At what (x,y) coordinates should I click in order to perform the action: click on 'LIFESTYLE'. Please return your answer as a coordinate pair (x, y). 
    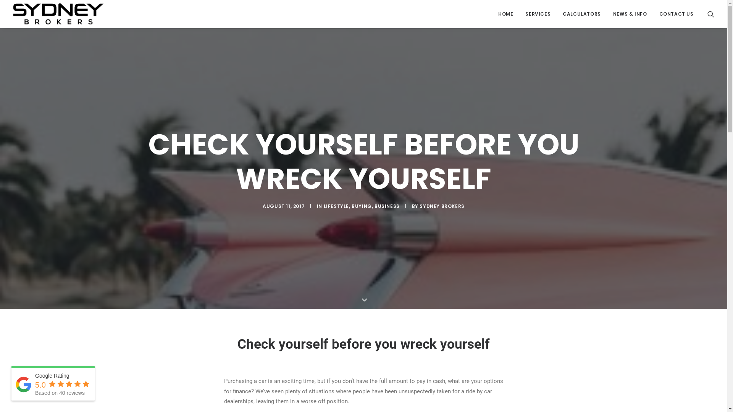
    Looking at the image, I should click on (324, 206).